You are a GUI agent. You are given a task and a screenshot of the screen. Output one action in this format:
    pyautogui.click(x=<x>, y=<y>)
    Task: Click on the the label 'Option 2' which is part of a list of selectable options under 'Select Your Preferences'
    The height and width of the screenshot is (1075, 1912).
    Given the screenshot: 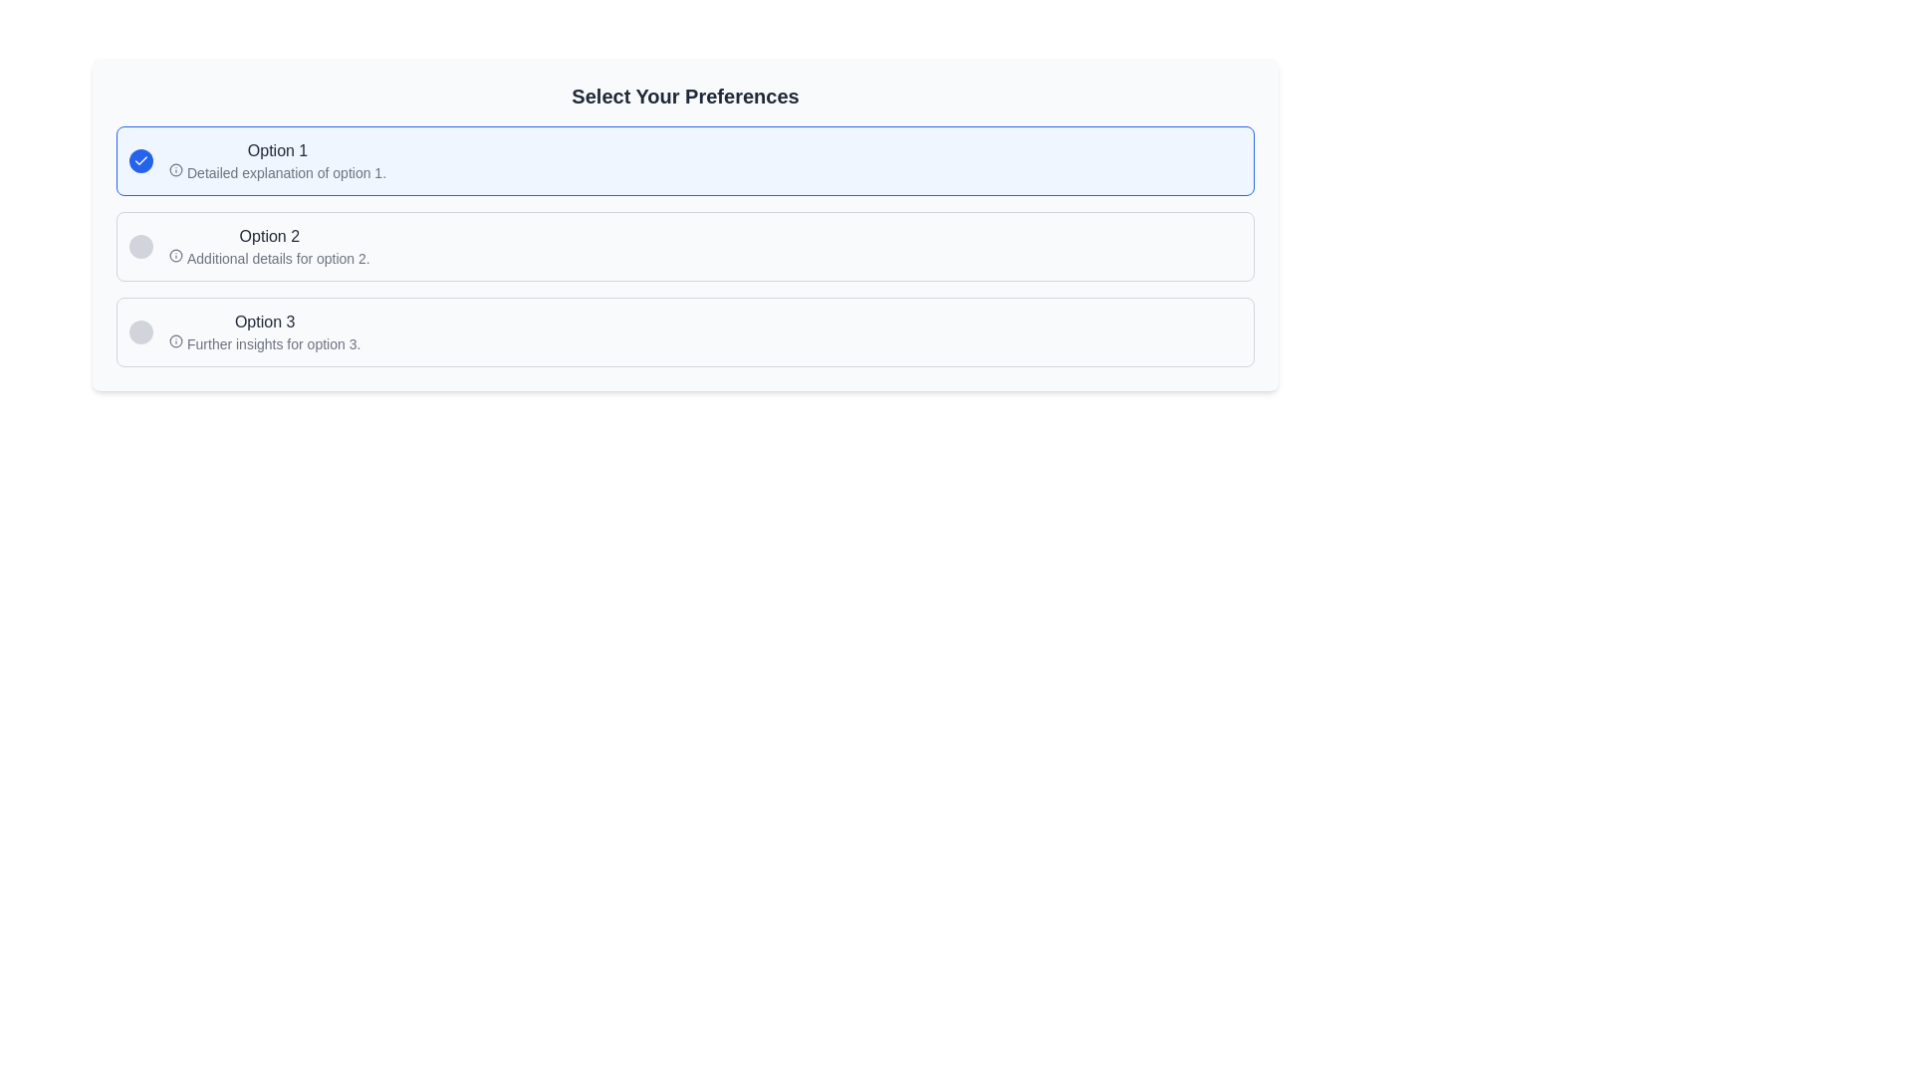 What is the action you would take?
    pyautogui.click(x=268, y=236)
    